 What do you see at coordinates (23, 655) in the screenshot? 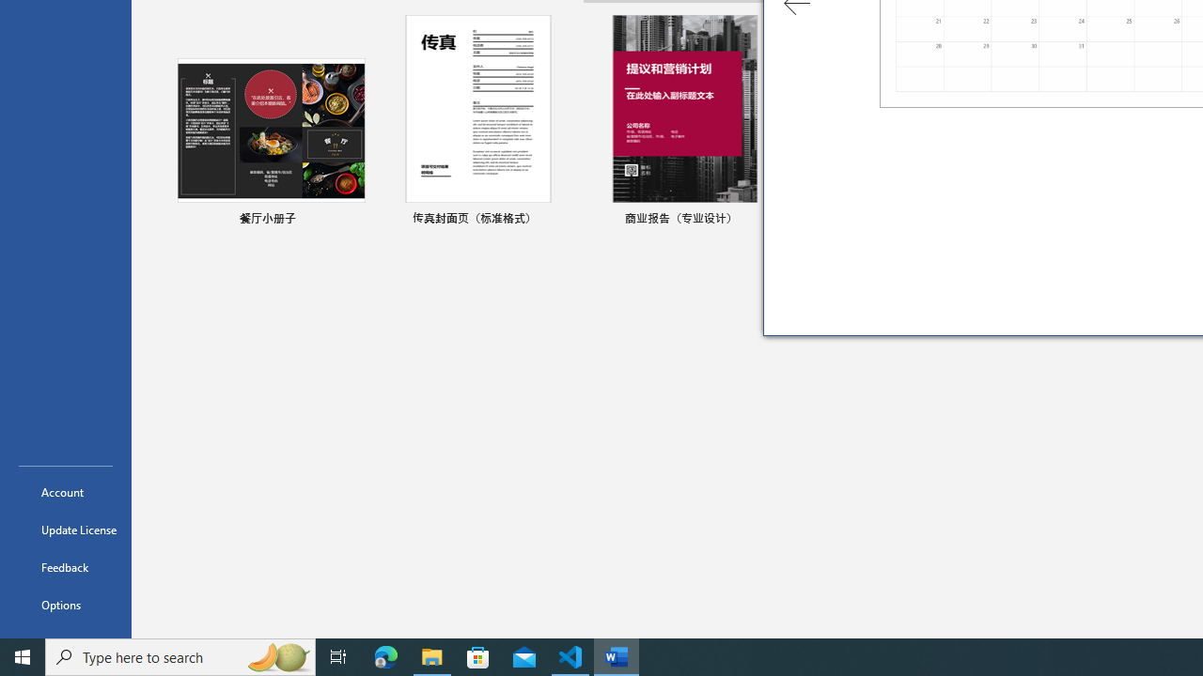
I see `'Start'` at bounding box center [23, 655].